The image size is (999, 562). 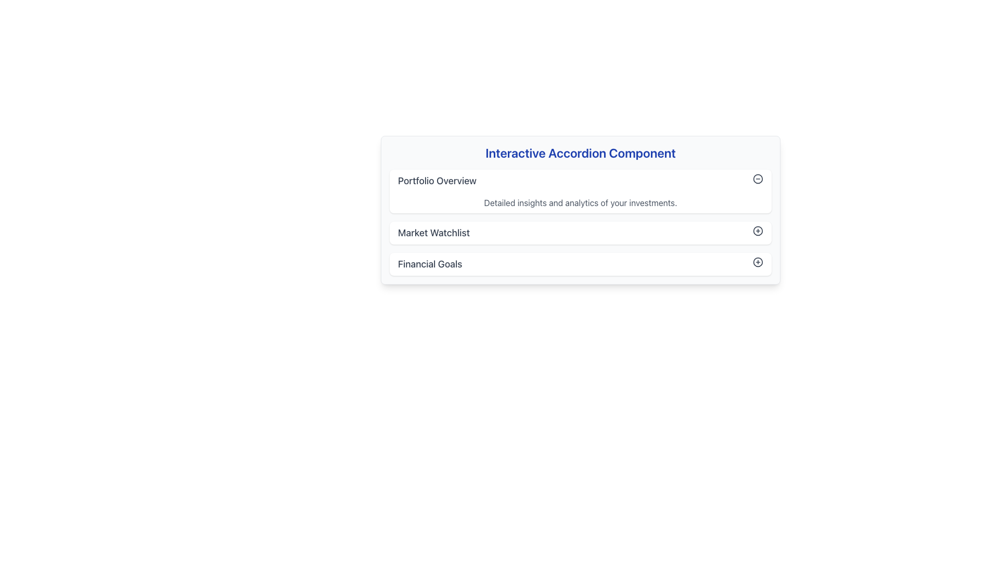 I want to click on the small circular '+' button located to the right of the 'Market Watchlist' text, so click(x=758, y=230).